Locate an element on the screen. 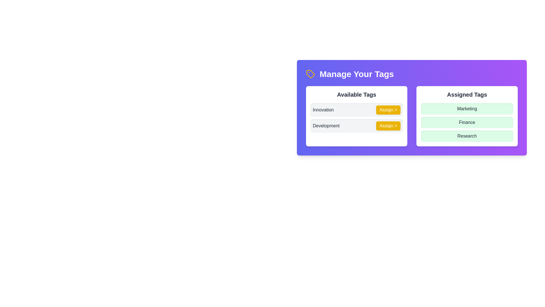 This screenshot has width=545, height=307. the 'Finance' label, which is the second item in the 'Assigned Tags' section, displayed in medium font with a light green background and rounded corners is located at coordinates (467, 122).